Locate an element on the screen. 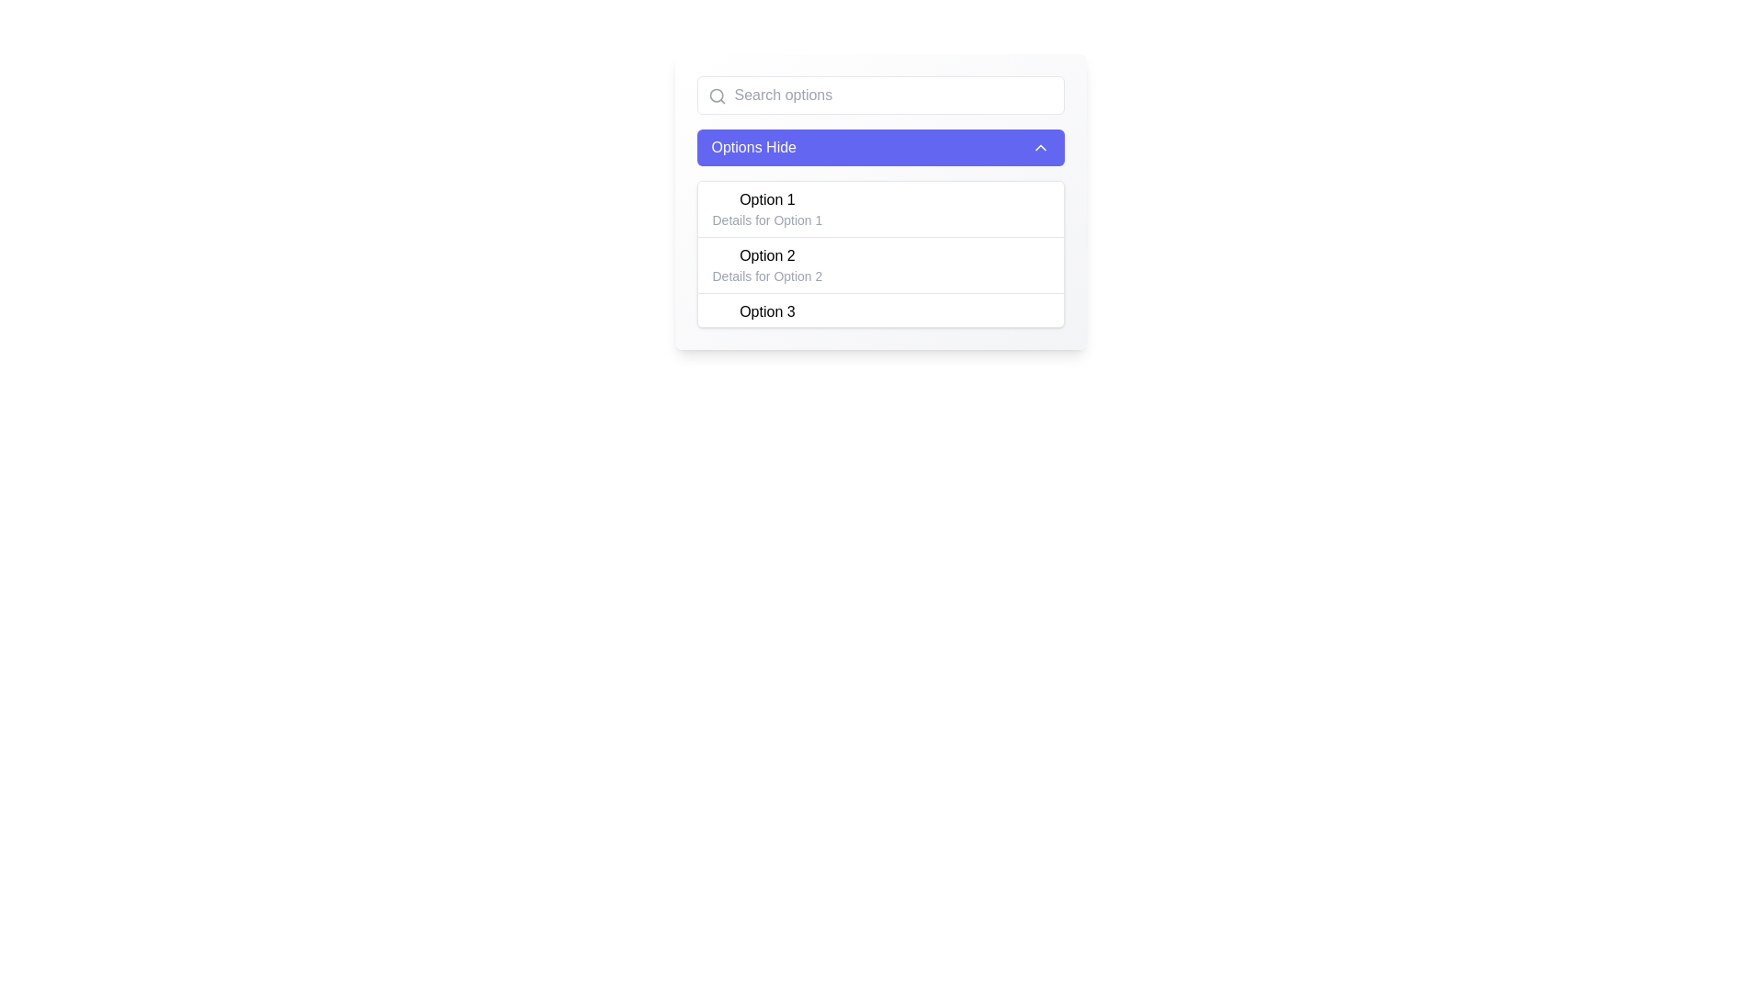 The height and width of the screenshot is (992, 1764). the magnifying glass icon located at the top-left corner of the search bar is located at coordinates (715, 96).